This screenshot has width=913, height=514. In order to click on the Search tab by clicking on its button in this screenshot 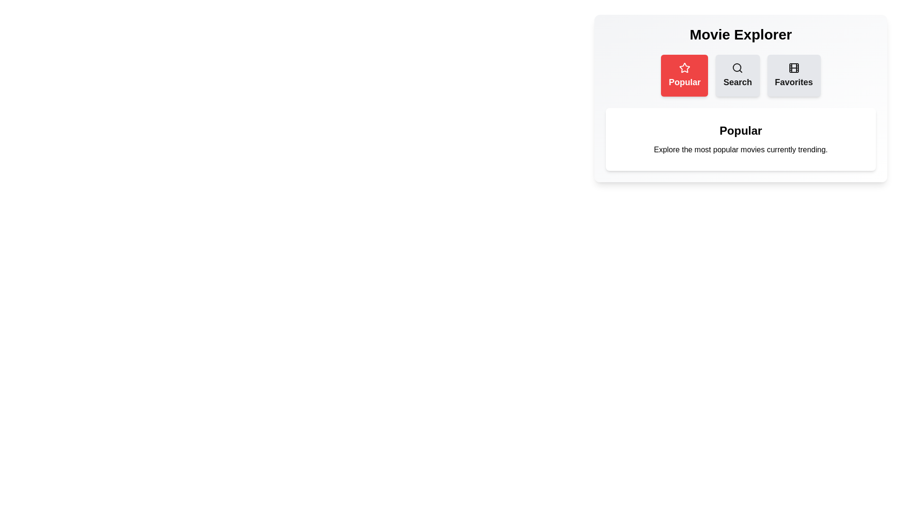, I will do `click(737, 75)`.